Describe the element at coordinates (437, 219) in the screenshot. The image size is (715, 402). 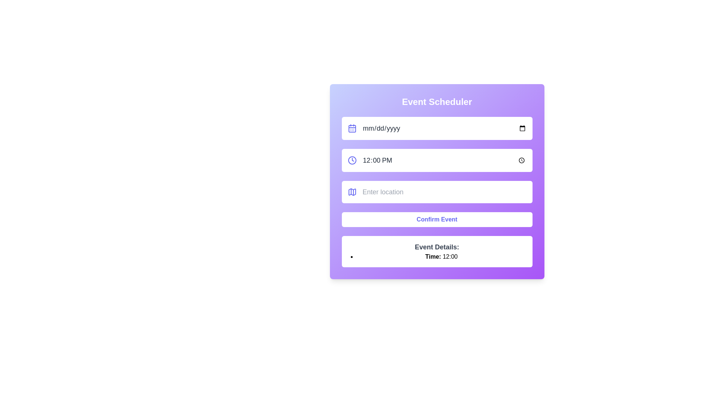
I see `the 'Confirm Event' button, which is a rectangular button with a white background and indigo text, positioned centrally below a location input field` at that location.